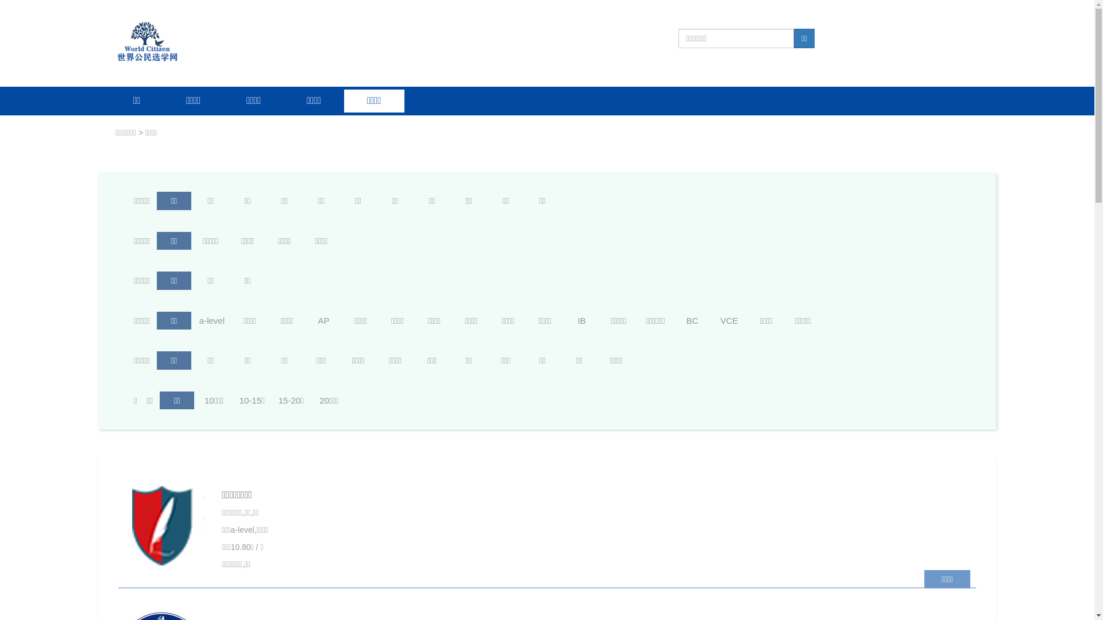 This screenshot has height=620, width=1103. What do you see at coordinates (212, 320) in the screenshot?
I see `'a-level'` at bounding box center [212, 320].